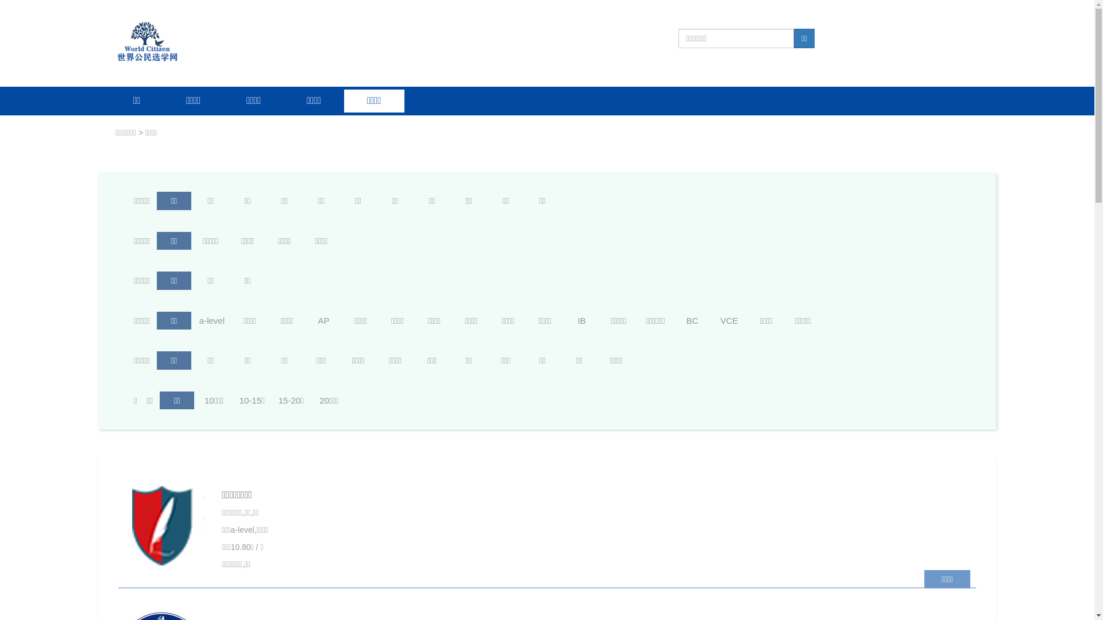 This screenshot has height=620, width=1103. What do you see at coordinates (212, 320) in the screenshot?
I see `'a-level'` at bounding box center [212, 320].